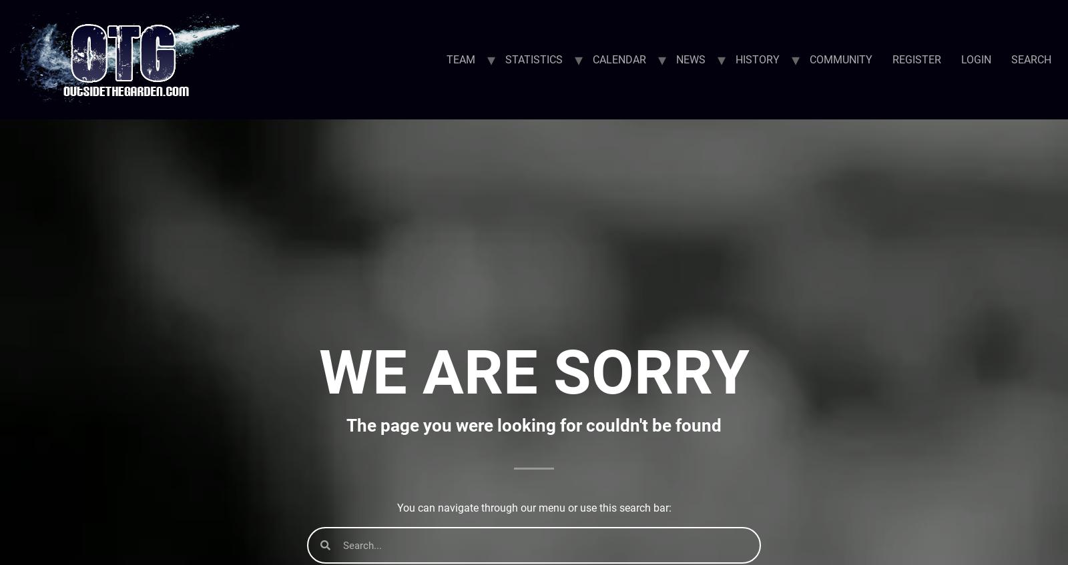 Image resolution: width=1068 pixels, height=565 pixels. I want to click on 'HISTORY', so click(758, 59).